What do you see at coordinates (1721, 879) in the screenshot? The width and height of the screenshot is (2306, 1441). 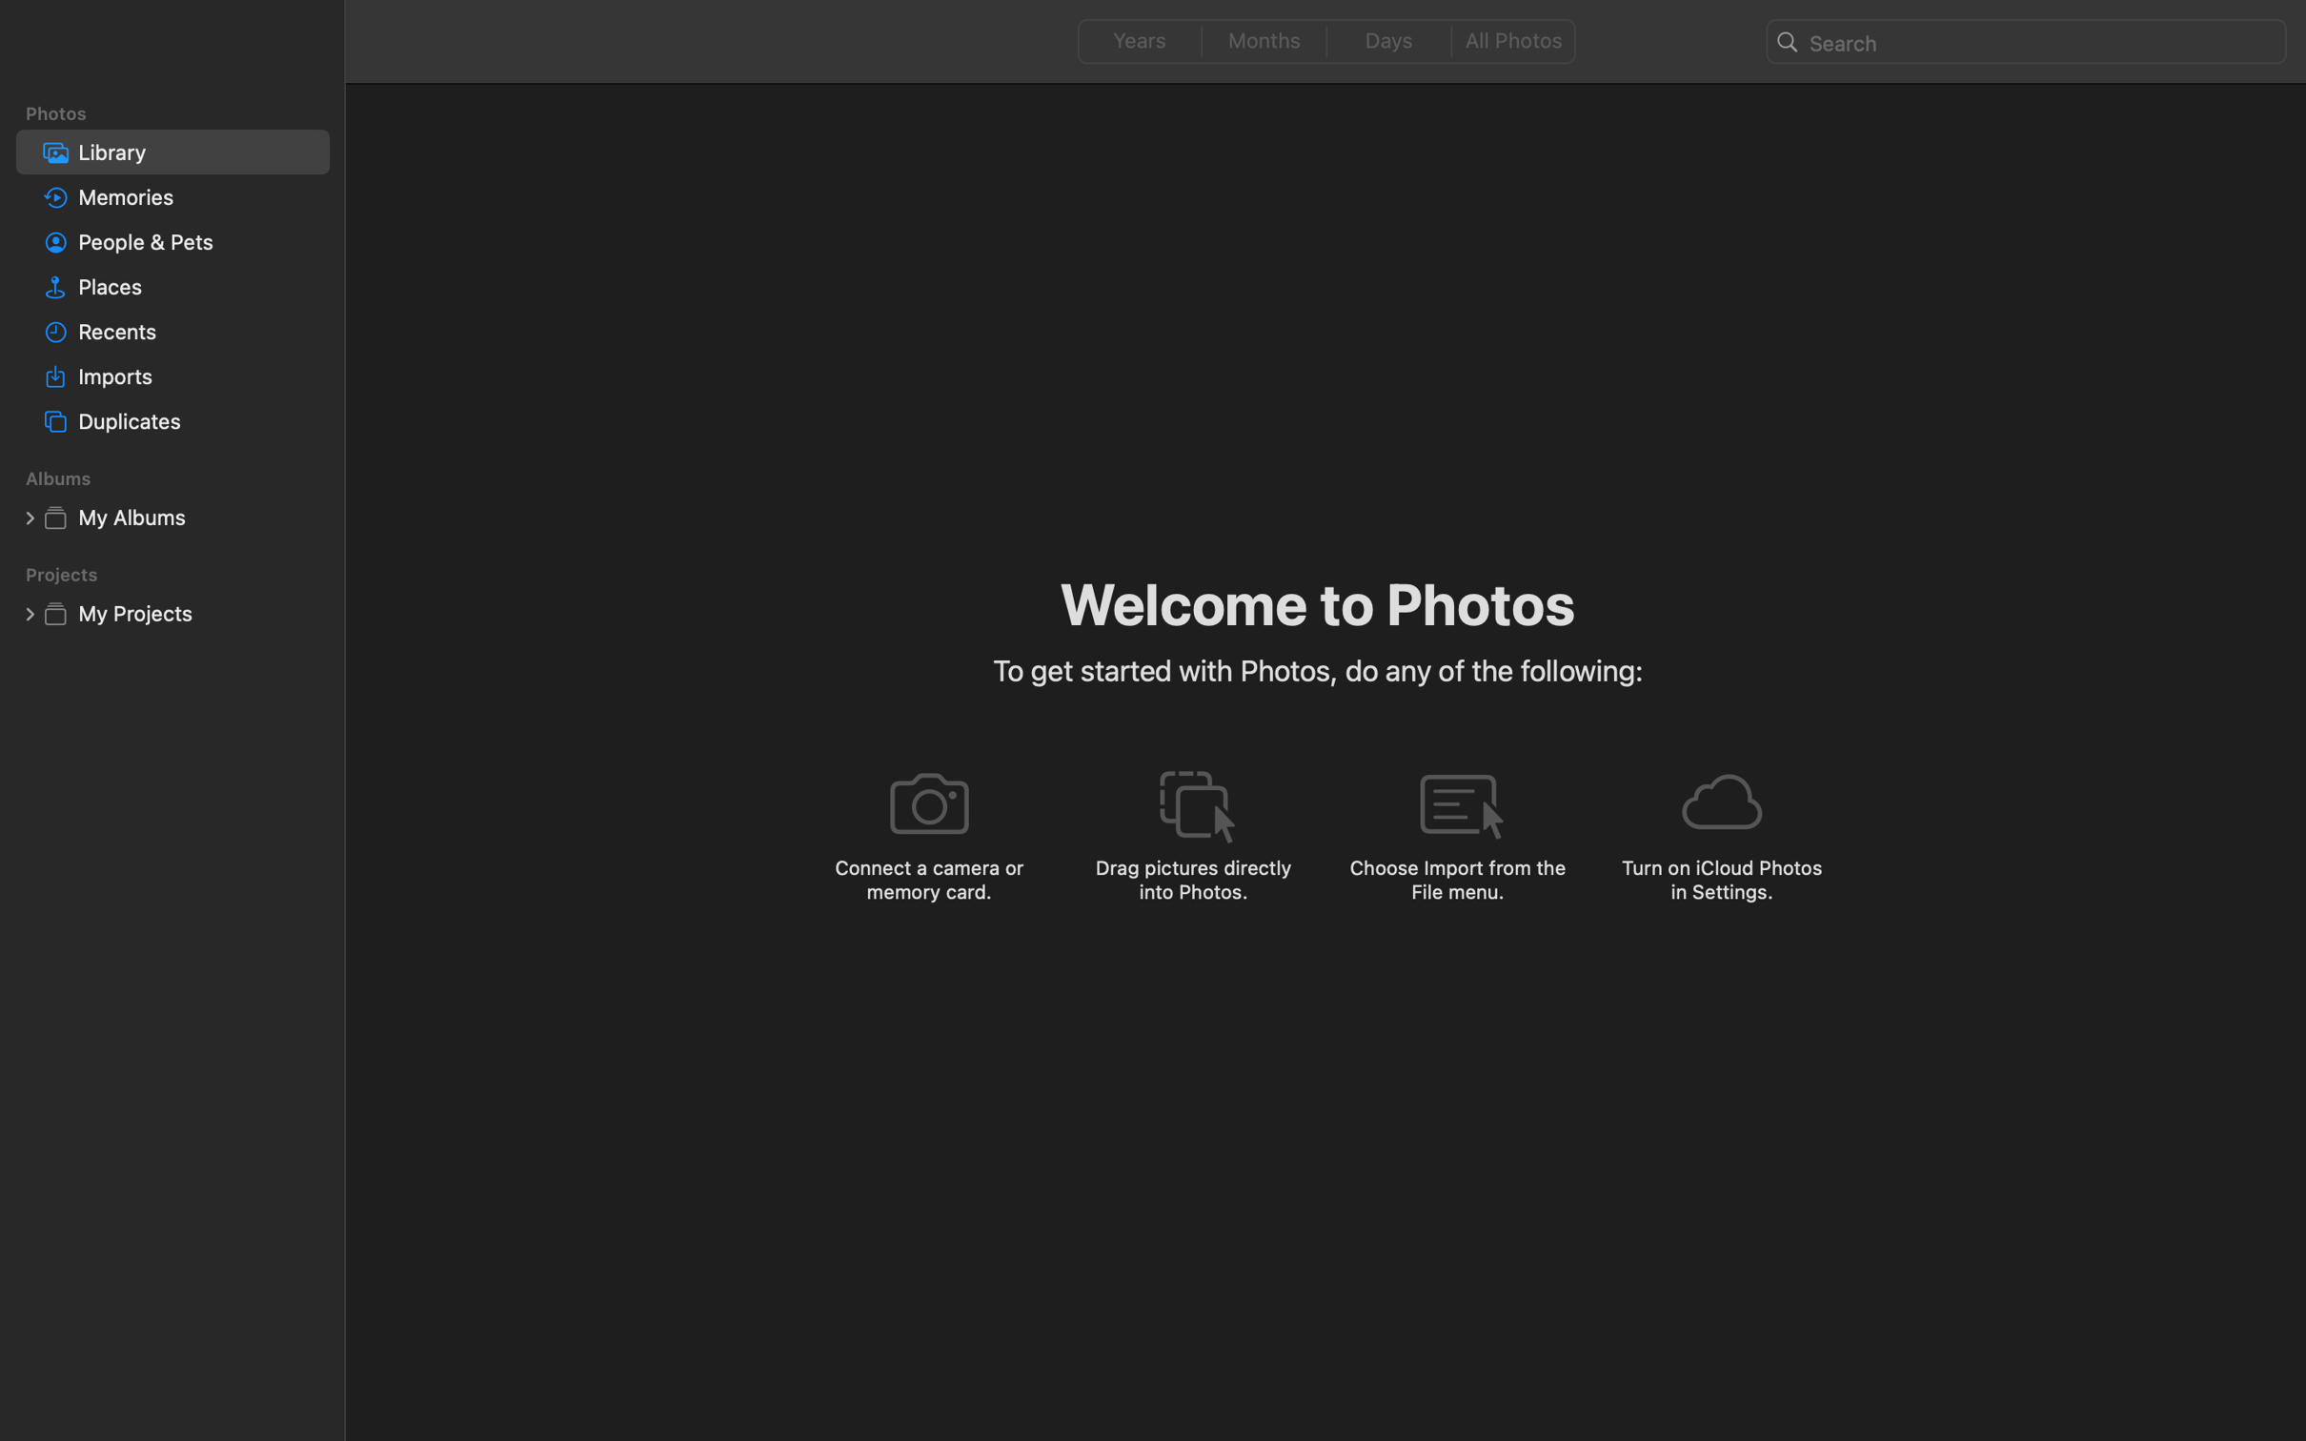 I see `'Turn on iCloud Photos in Settings.'` at bounding box center [1721, 879].